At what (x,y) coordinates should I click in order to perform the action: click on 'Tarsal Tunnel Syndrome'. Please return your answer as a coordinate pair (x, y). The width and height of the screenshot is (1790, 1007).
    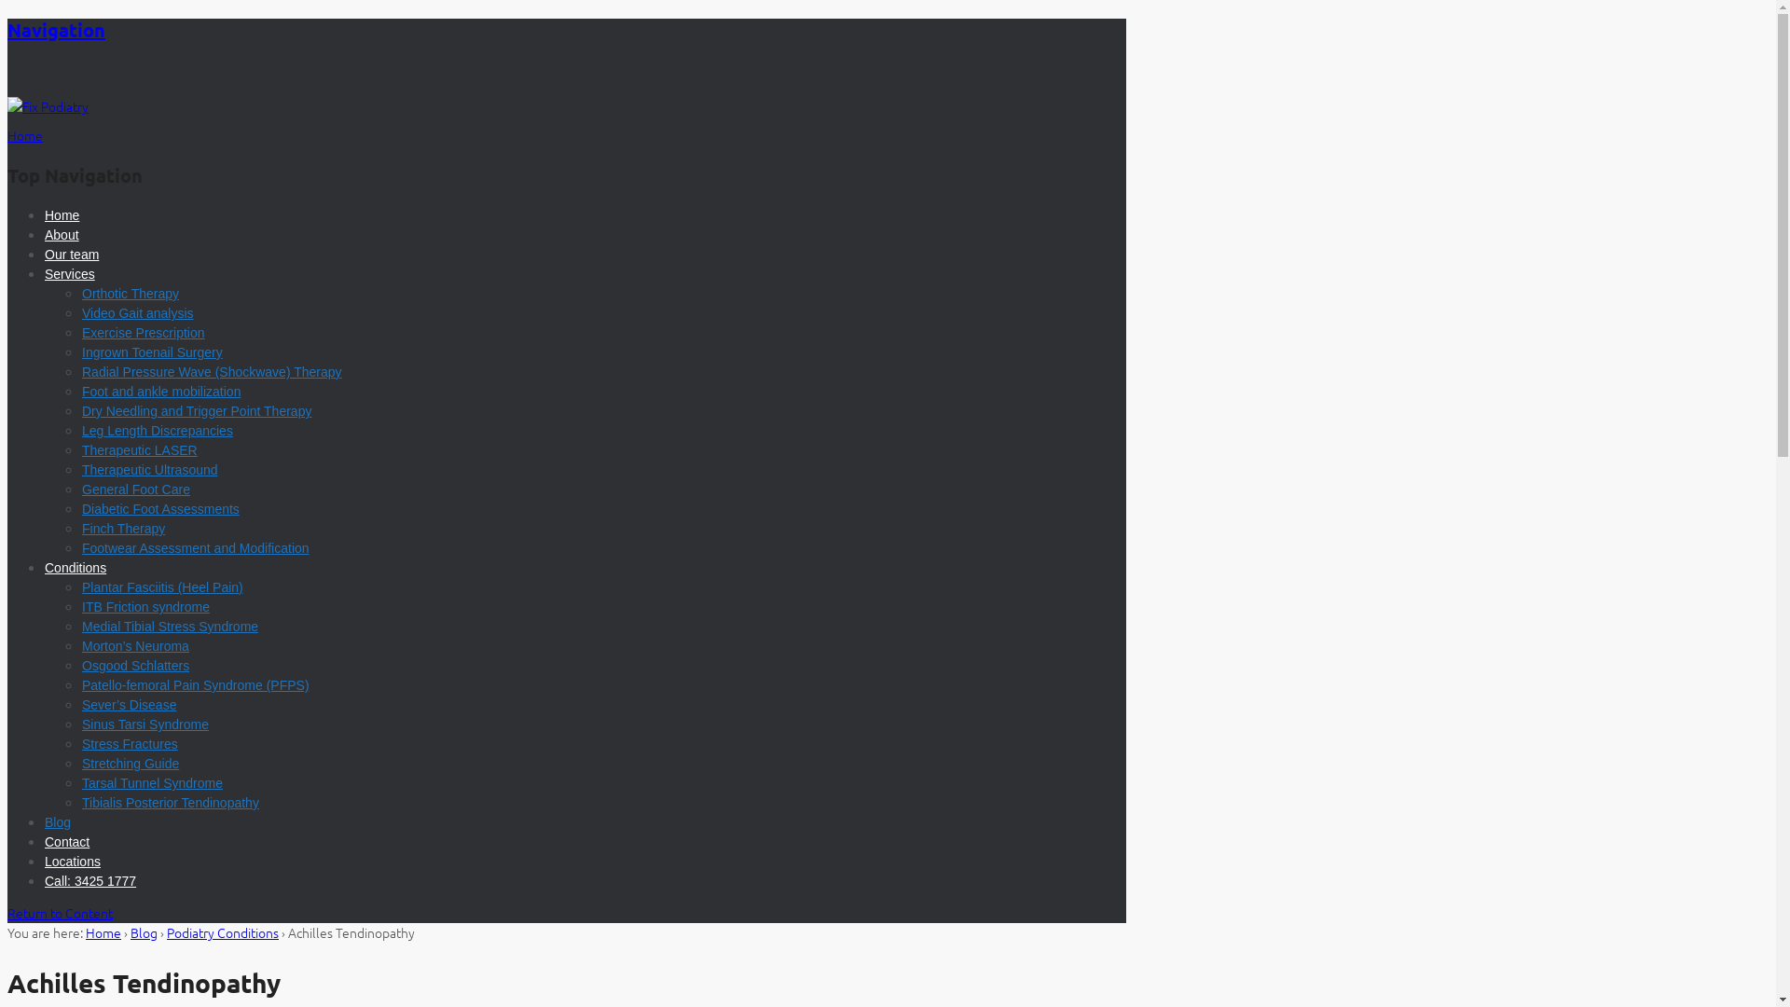
    Looking at the image, I should click on (152, 783).